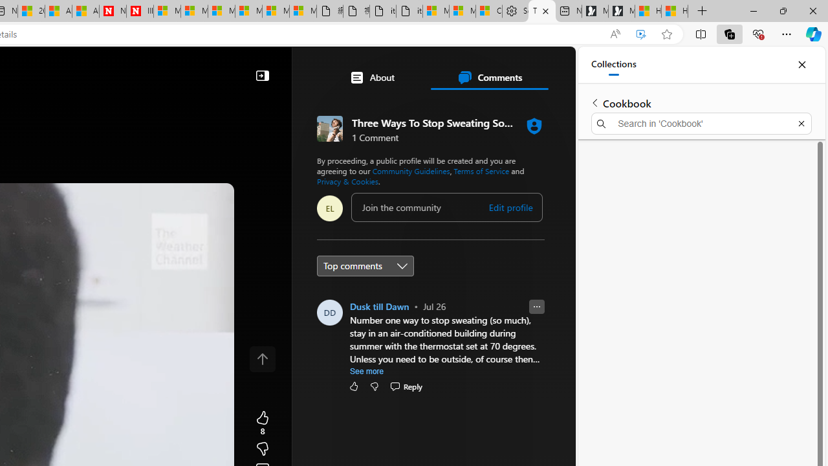 Image resolution: width=828 pixels, height=466 pixels. Describe the element at coordinates (481, 170) in the screenshot. I see `'Terms of Service'` at that location.